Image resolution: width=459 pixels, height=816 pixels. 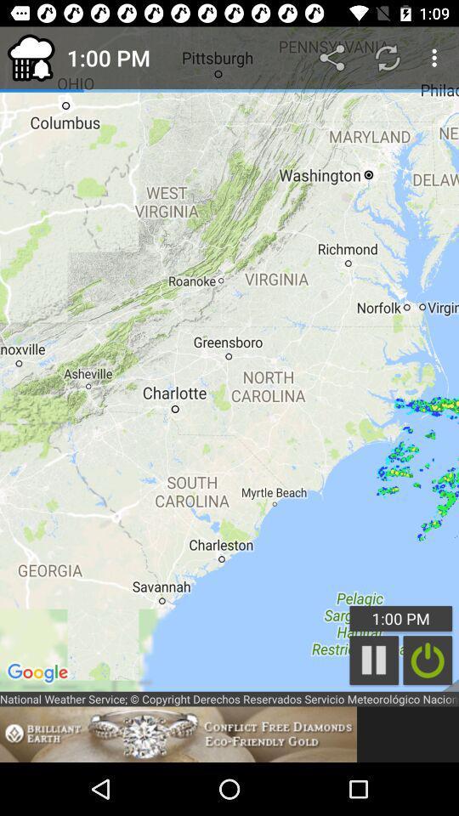 What do you see at coordinates (374, 660) in the screenshot?
I see `the pause icon` at bounding box center [374, 660].